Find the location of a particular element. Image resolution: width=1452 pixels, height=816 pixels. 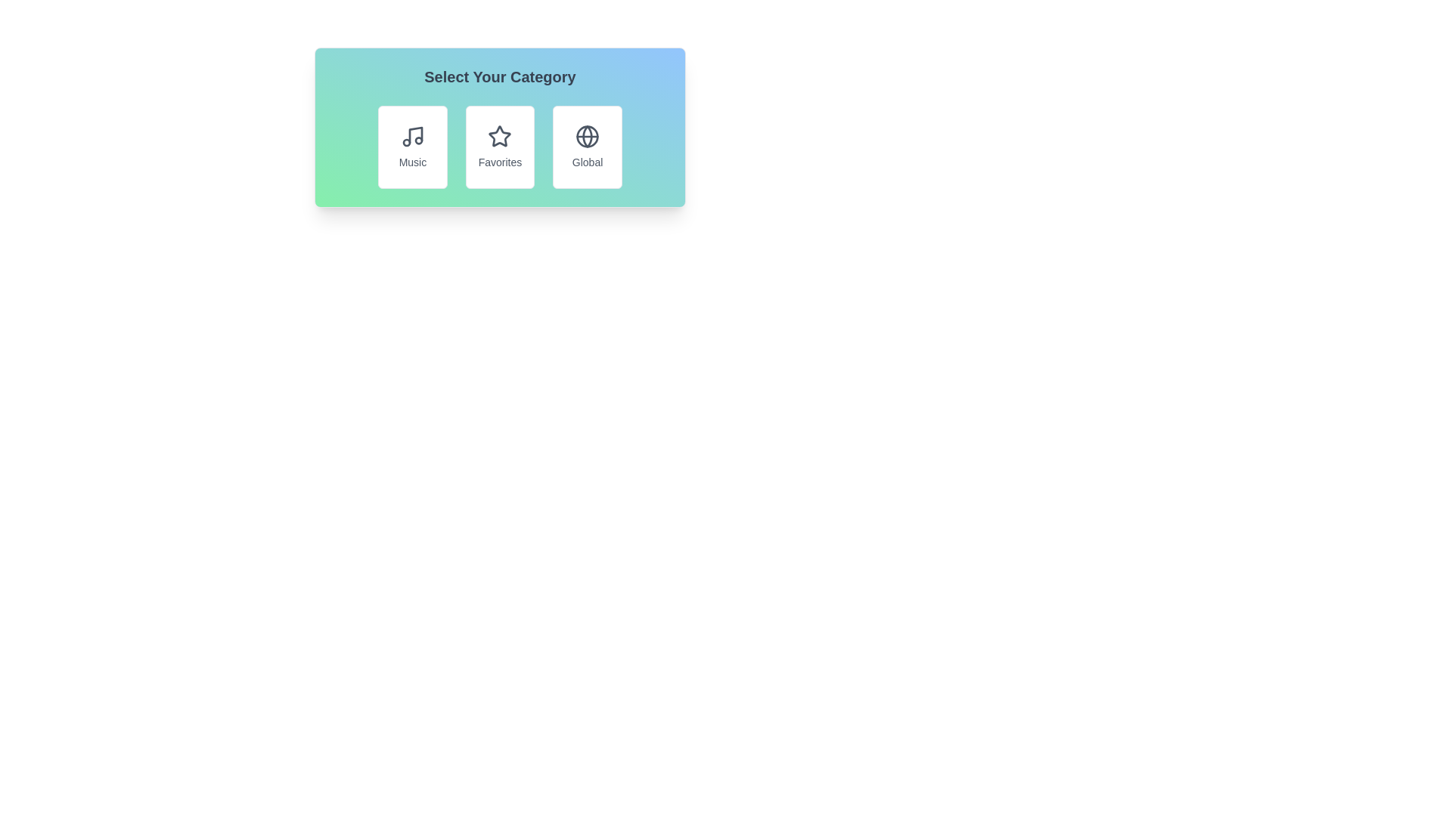

the 'Music' category button, which is the first item in a grid layout of interactive cards is located at coordinates (412, 147).